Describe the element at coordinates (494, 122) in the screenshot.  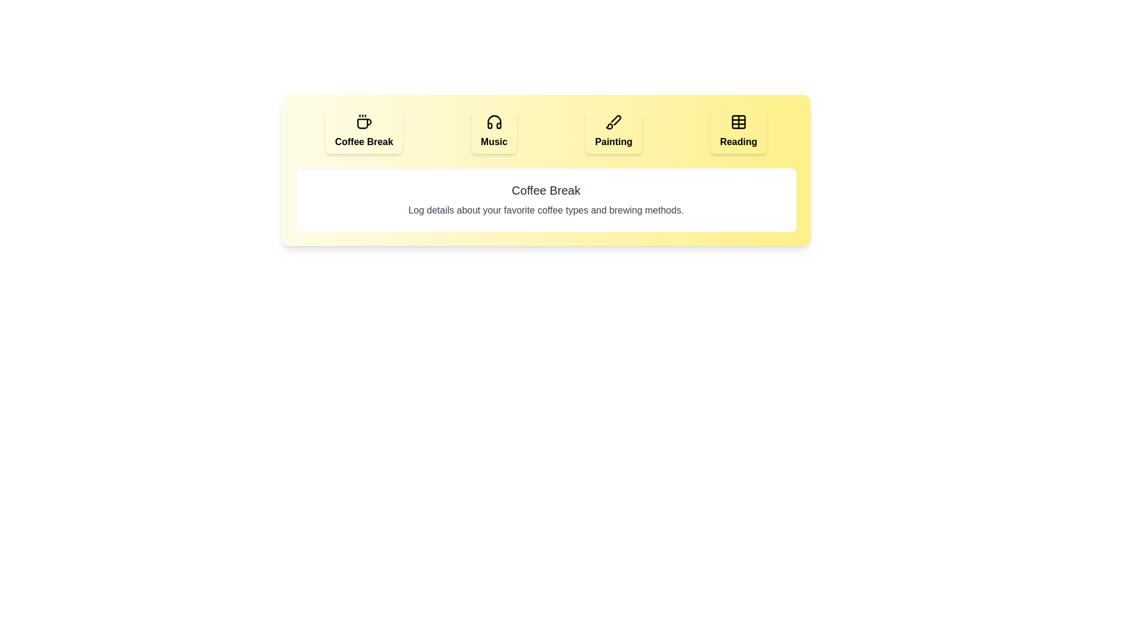
I see `the headphones icon in the navigation bar` at that location.